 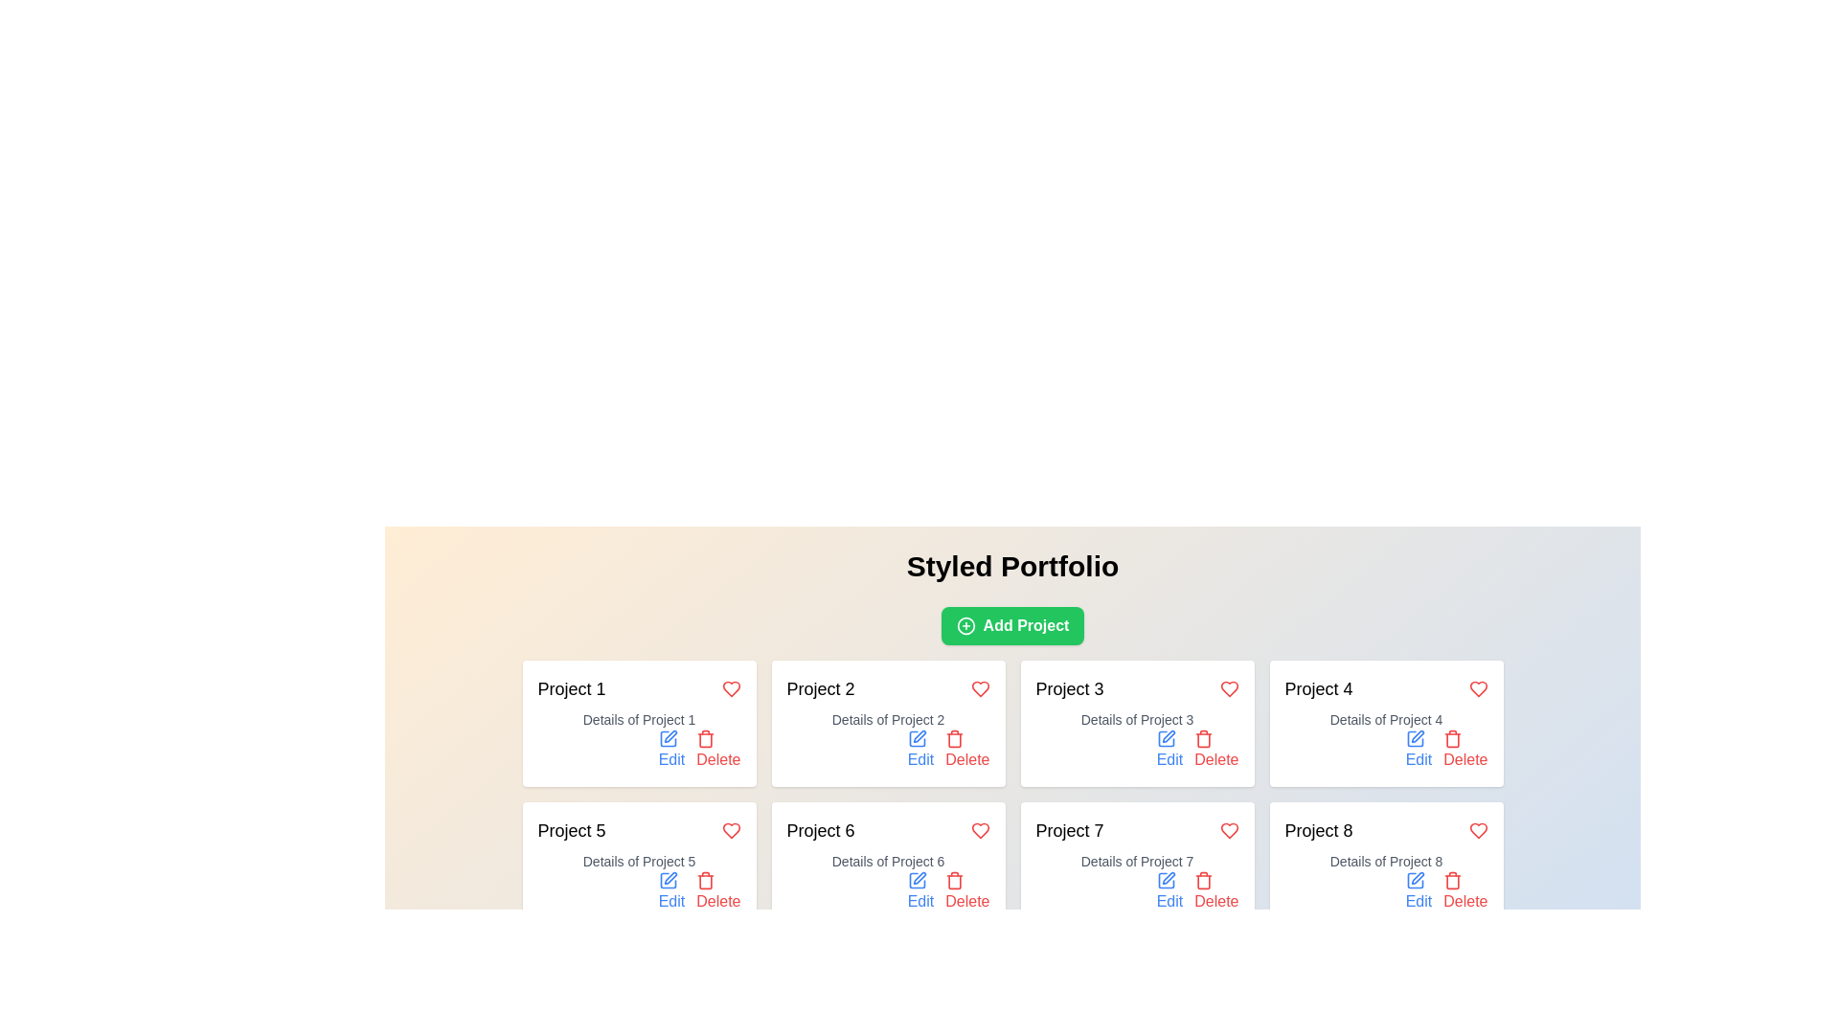 I want to click on the heart icon button located in the bottom-right corner of the card labeled 'Project 8', so click(x=1477, y=829).